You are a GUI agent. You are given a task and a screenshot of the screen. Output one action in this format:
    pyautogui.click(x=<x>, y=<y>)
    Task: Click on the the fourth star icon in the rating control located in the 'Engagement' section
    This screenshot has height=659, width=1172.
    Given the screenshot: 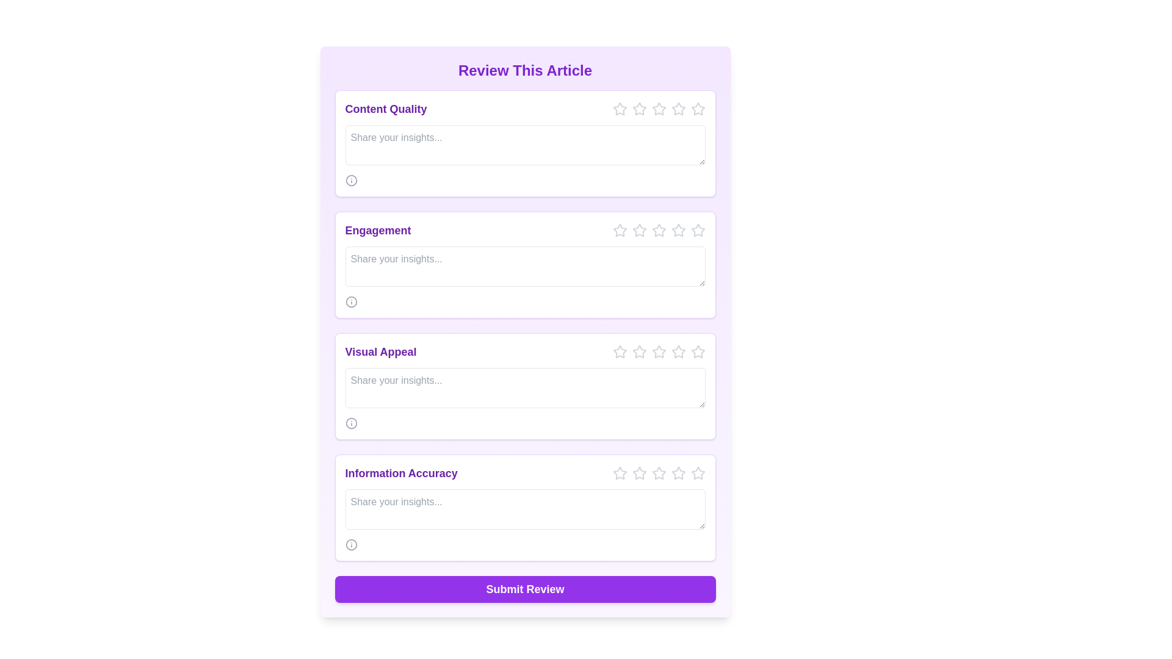 What is the action you would take?
    pyautogui.click(x=658, y=231)
    